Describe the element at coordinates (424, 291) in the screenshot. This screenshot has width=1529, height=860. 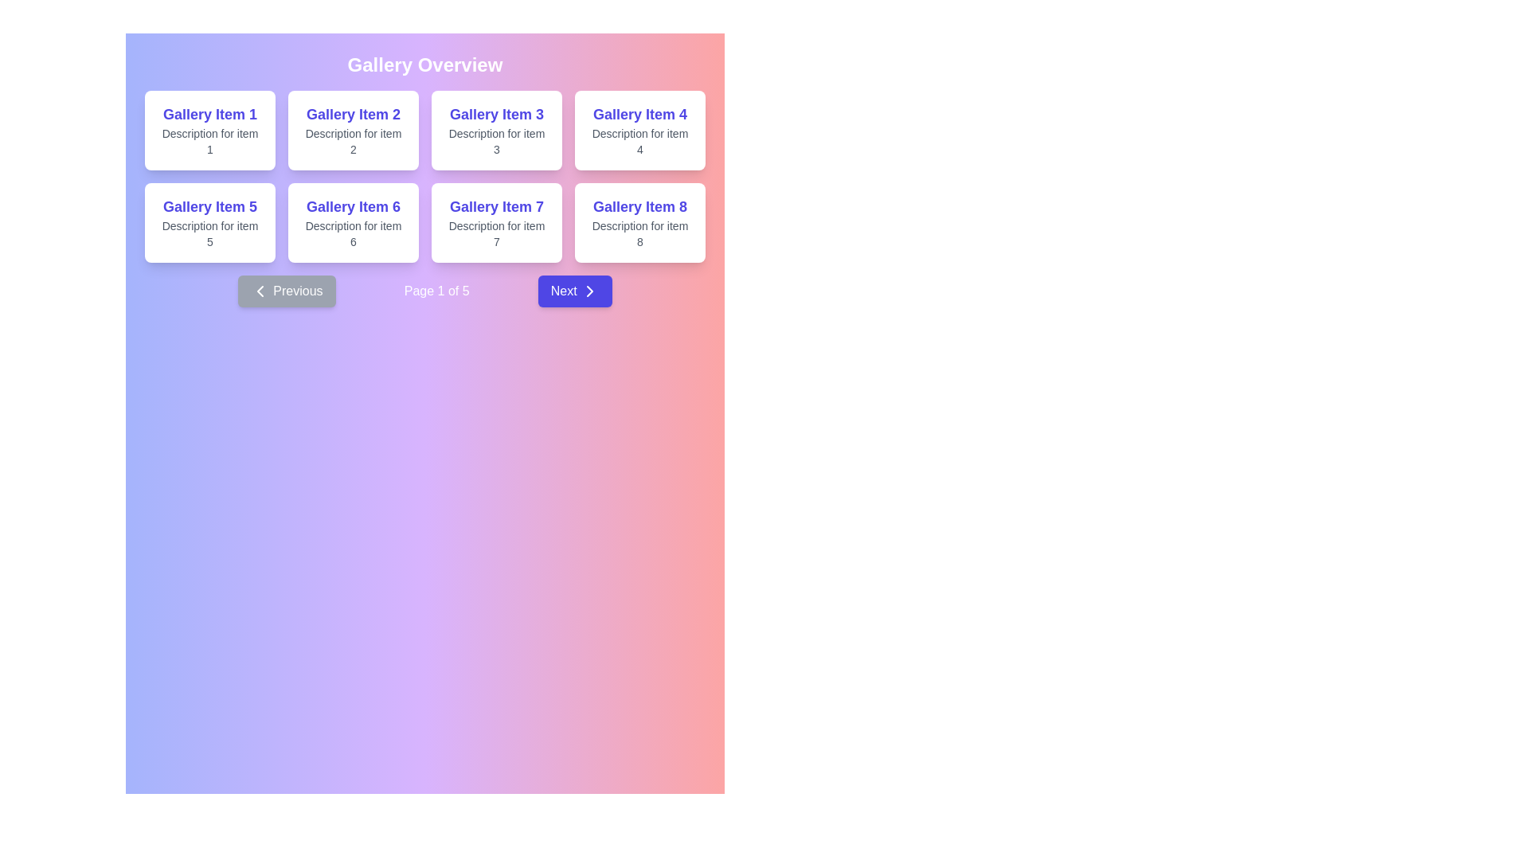
I see `text in the Pagination bar to know the current page status, which displays 'Page 1 of 5' at the center of the bar` at that location.